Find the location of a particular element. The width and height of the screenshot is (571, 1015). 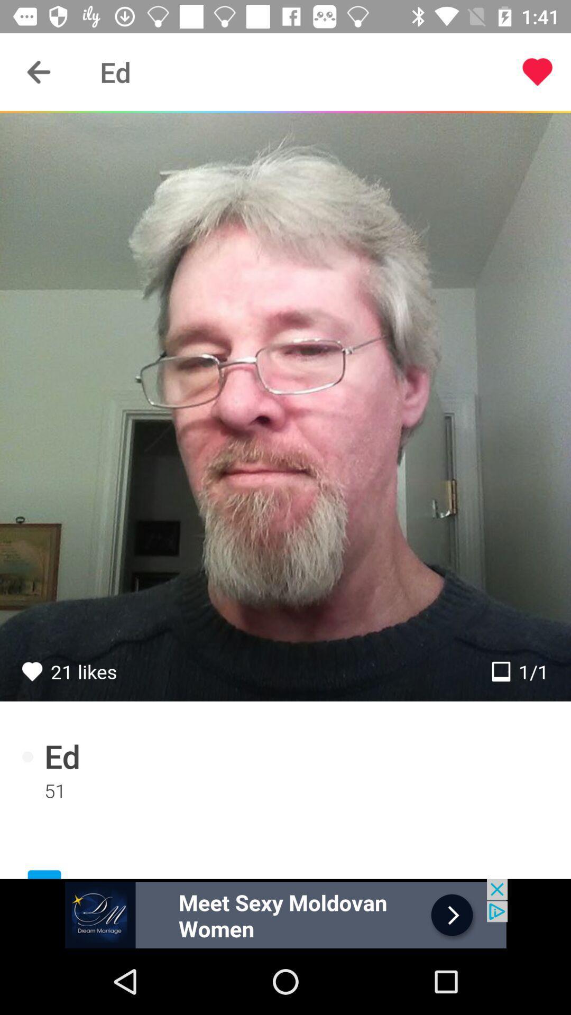

advertisement is located at coordinates (285, 913).